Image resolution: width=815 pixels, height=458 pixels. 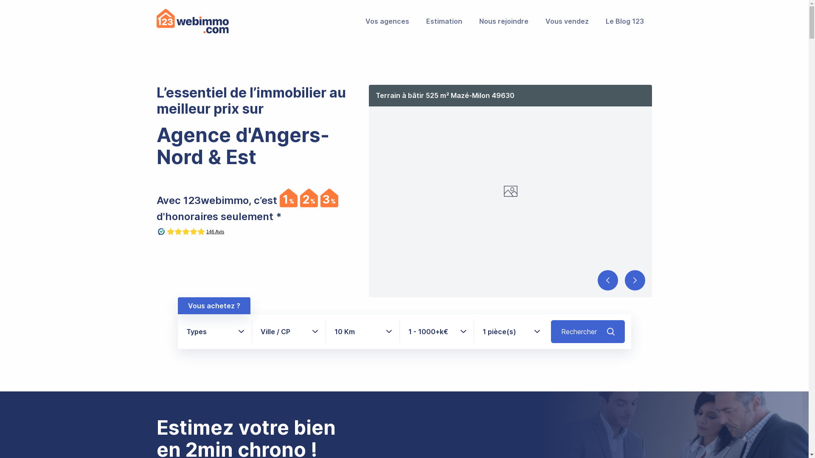 What do you see at coordinates (214, 306) in the screenshot?
I see `'Vous achetez ?'` at bounding box center [214, 306].